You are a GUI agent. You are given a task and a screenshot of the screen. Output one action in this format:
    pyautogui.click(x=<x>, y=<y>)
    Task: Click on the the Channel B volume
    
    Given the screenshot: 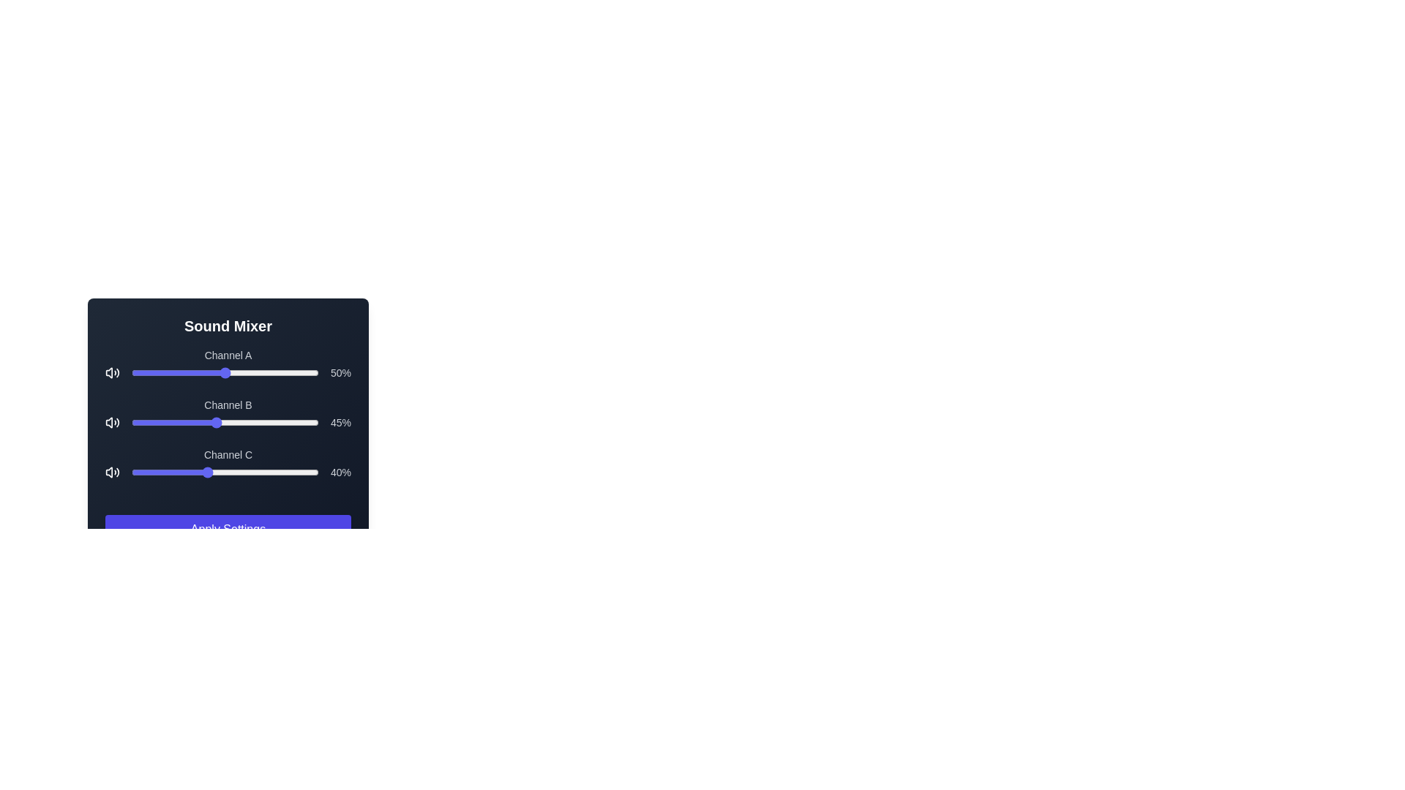 What is the action you would take?
    pyautogui.click(x=236, y=423)
    